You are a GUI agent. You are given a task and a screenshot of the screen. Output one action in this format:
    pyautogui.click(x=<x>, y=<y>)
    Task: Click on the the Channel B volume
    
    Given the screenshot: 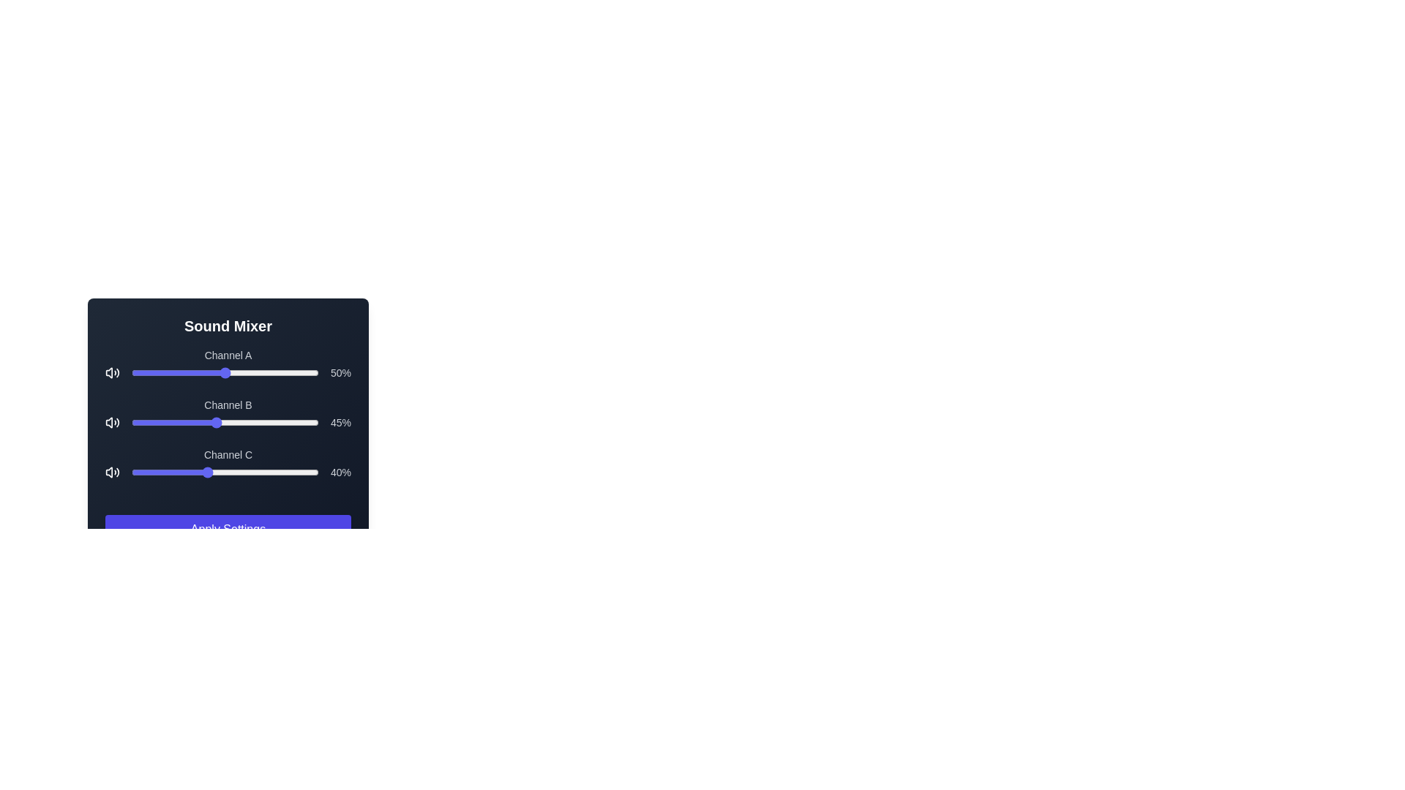 What is the action you would take?
    pyautogui.click(x=236, y=423)
    